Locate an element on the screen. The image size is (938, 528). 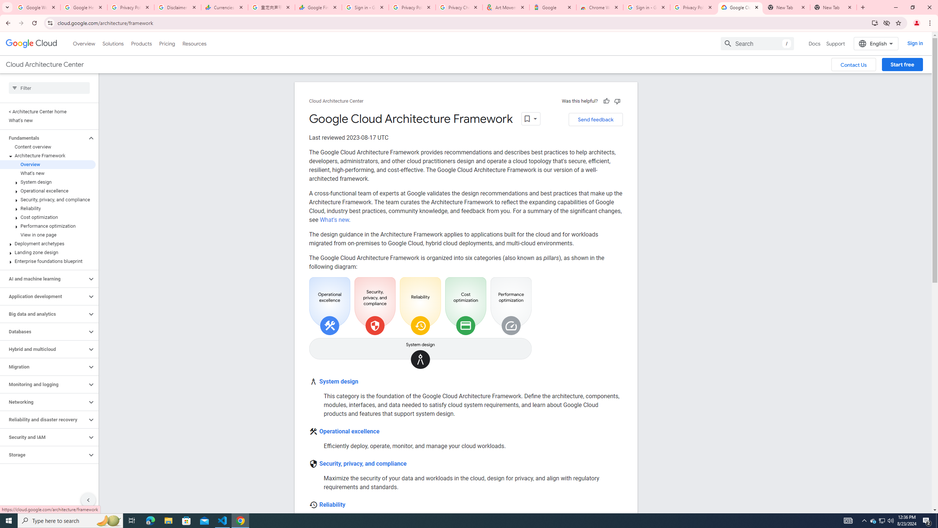
'Hybrid and multicloud' is located at coordinates (43, 349).